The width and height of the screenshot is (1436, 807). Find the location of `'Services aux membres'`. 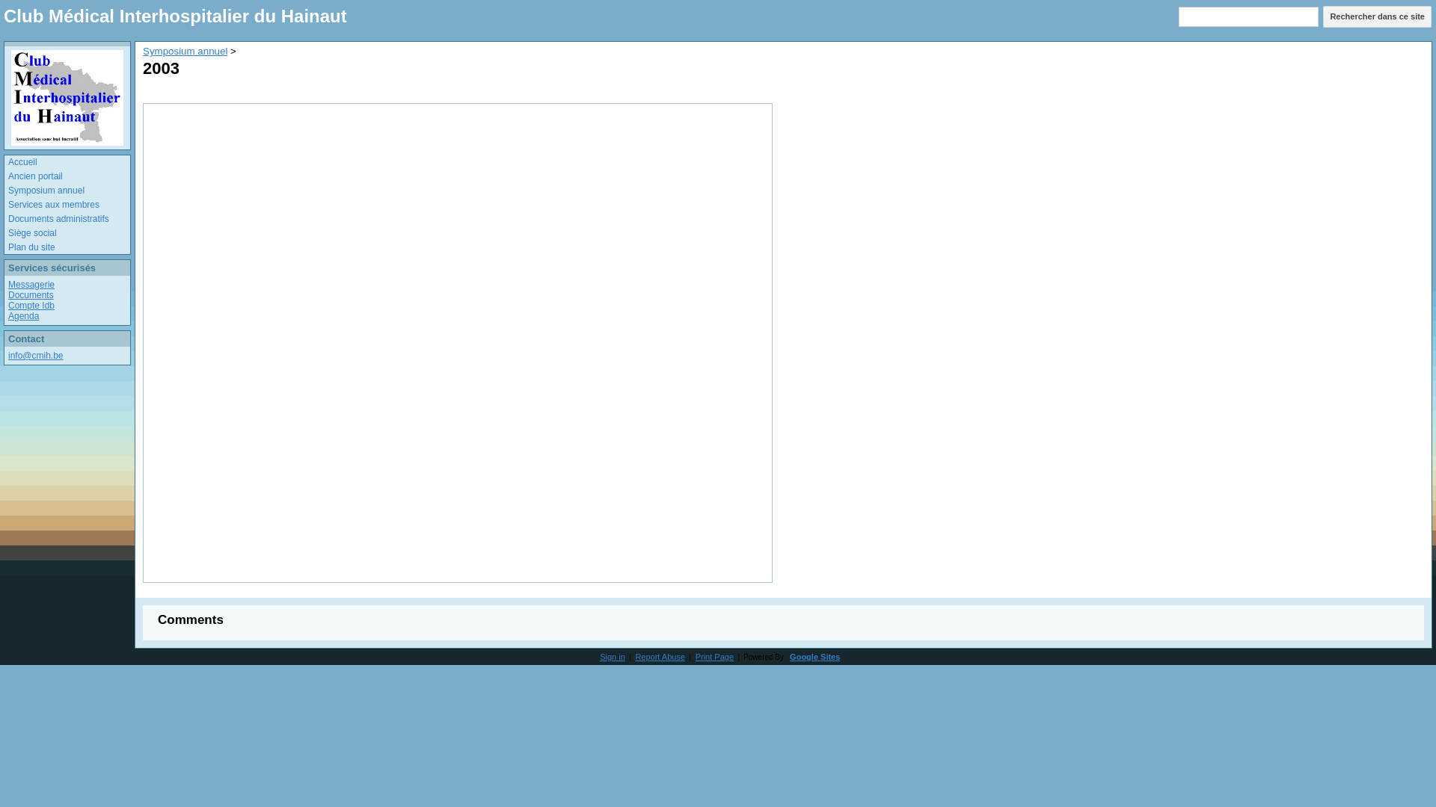

'Services aux membres' is located at coordinates (7, 205).